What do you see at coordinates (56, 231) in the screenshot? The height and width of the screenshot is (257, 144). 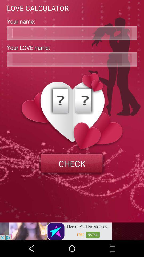 I see `install the option` at bounding box center [56, 231].